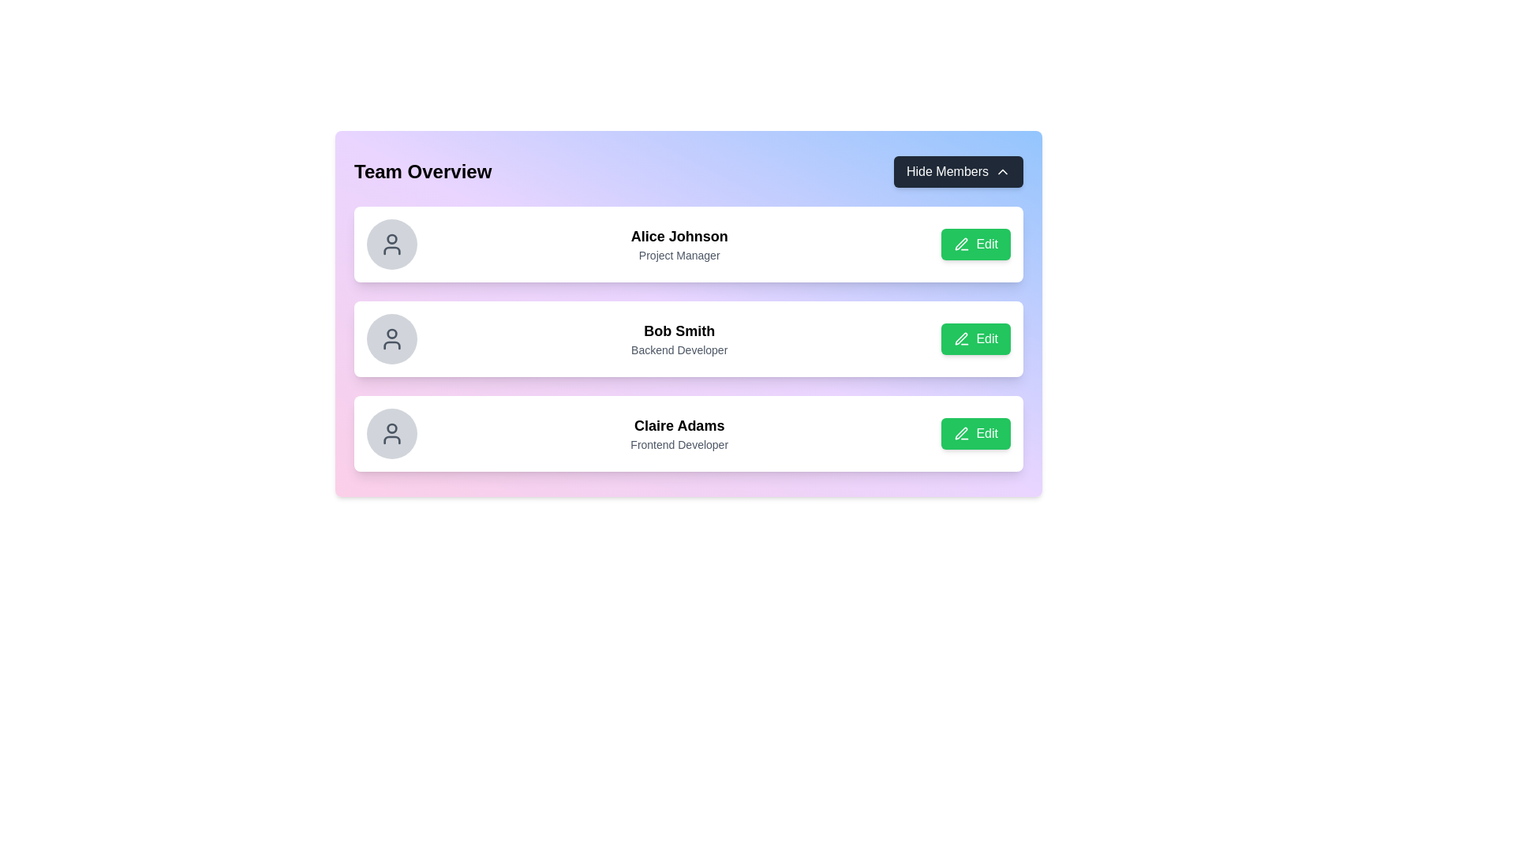 This screenshot has height=852, width=1515. I want to click on the text label displaying 'Project Manager', which is styled with a smaller gray font and positioned below 'Alice Johnson' in the 'Team Overview' section, so click(679, 255).